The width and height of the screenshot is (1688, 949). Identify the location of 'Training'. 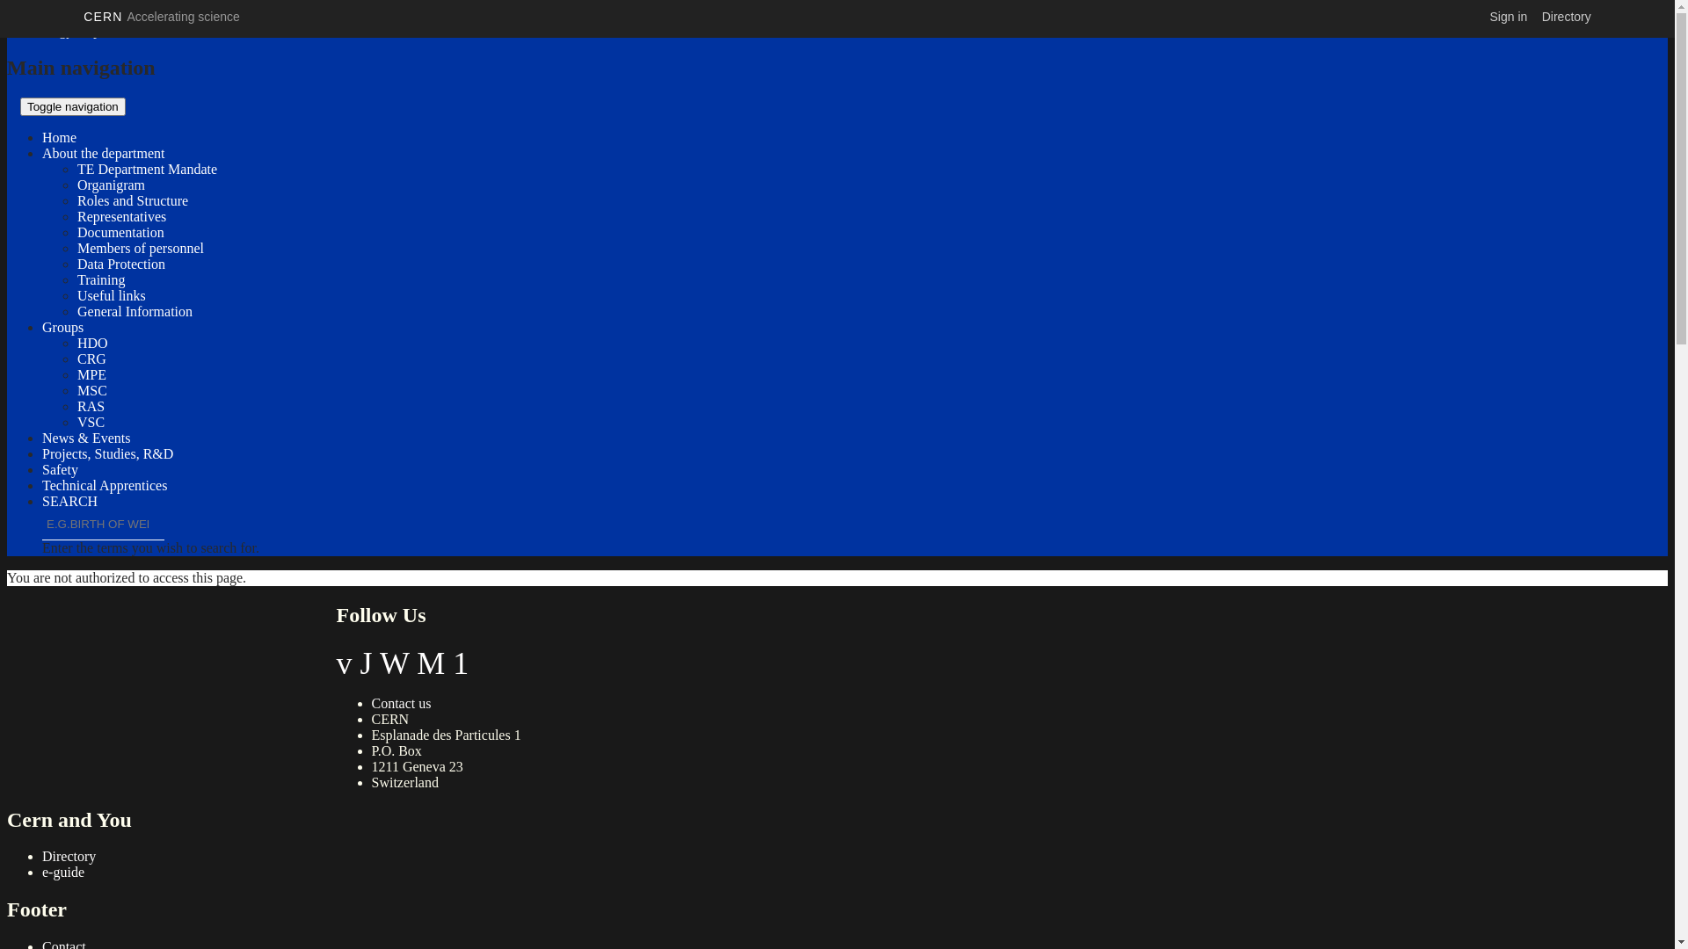
(100, 279).